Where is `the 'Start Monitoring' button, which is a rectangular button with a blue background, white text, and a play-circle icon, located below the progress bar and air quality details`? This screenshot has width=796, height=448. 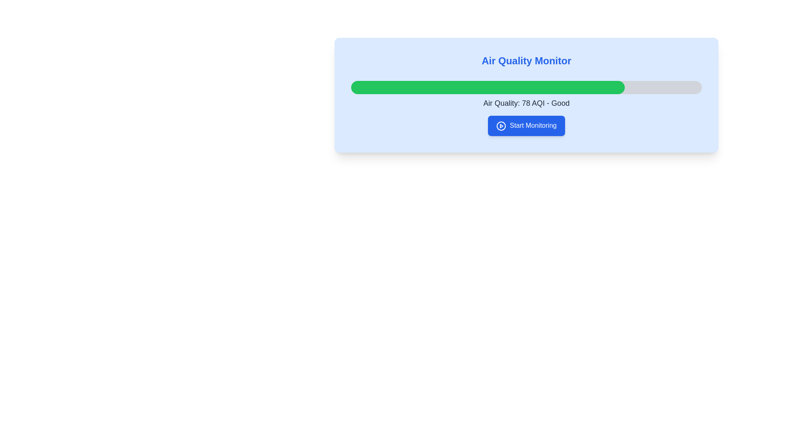
the 'Start Monitoring' button, which is a rectangular button with a blue background, white text, and a play-circle icon, located below the progress bar and air quality details is located at coordinates (526, 126).